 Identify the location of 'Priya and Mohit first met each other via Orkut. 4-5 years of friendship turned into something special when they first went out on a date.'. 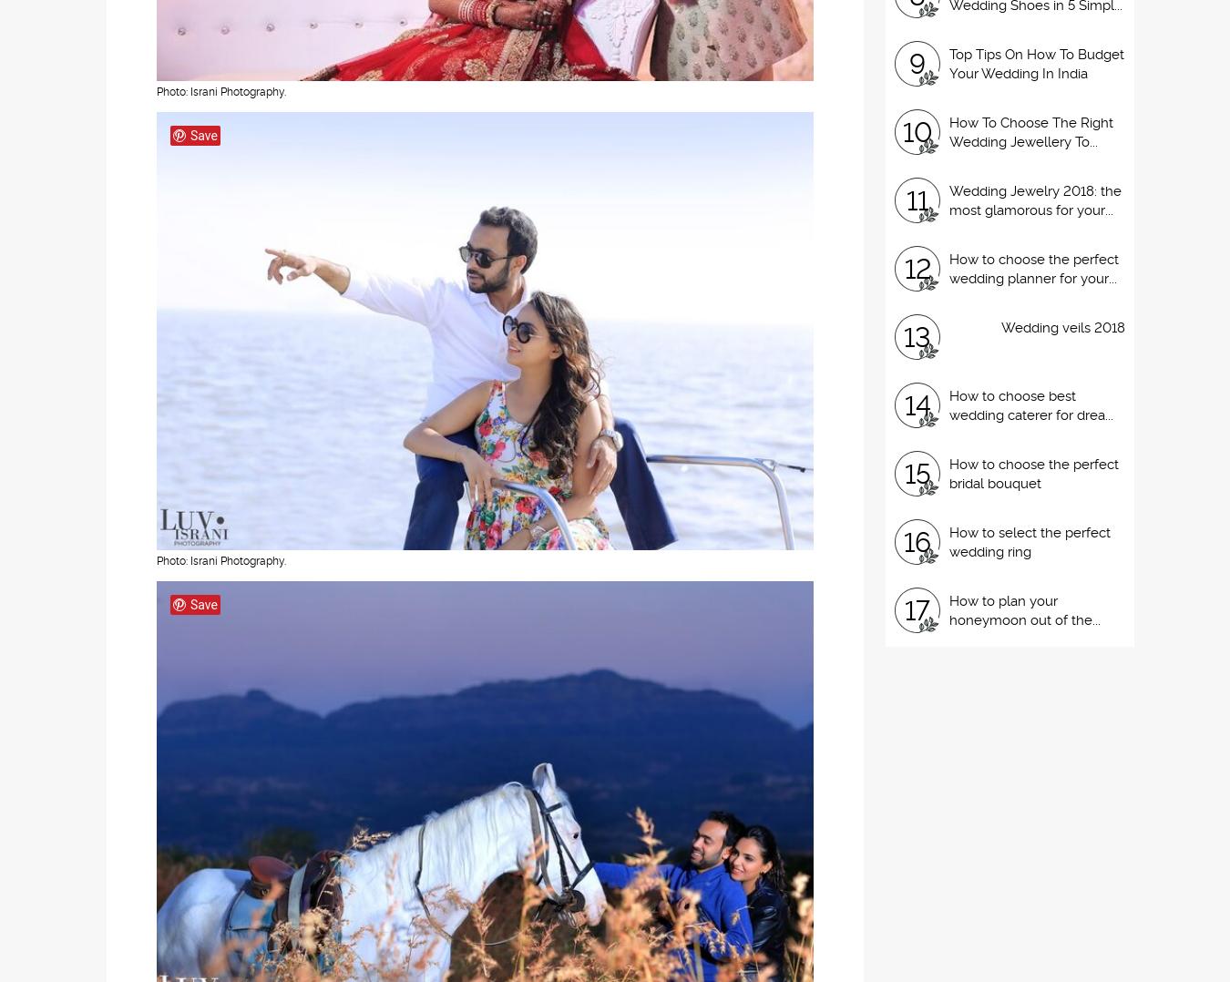
(229, 174).